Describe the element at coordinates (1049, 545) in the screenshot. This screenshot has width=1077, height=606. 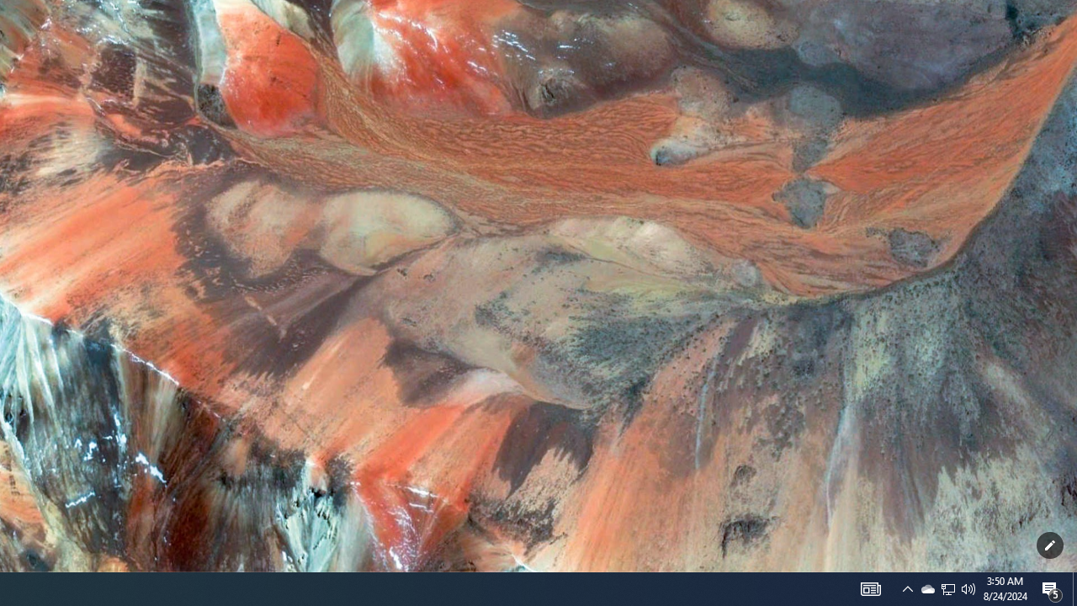
I see `'Customize this page'` at that location.